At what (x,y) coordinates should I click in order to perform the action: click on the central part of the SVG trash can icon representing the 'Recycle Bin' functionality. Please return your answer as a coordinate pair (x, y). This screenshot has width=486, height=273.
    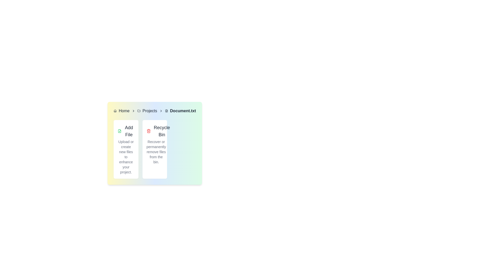
    Looking at the image, I should click on (148, 131).